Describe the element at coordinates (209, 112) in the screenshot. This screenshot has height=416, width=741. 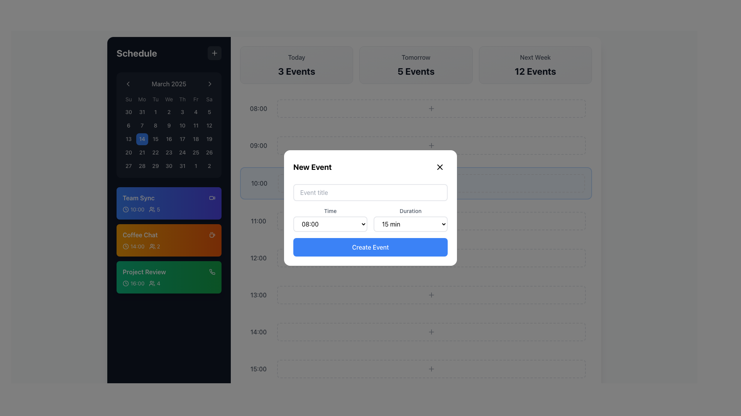
I see `the square-shaped button with a dark background and the label '5'` at that location.